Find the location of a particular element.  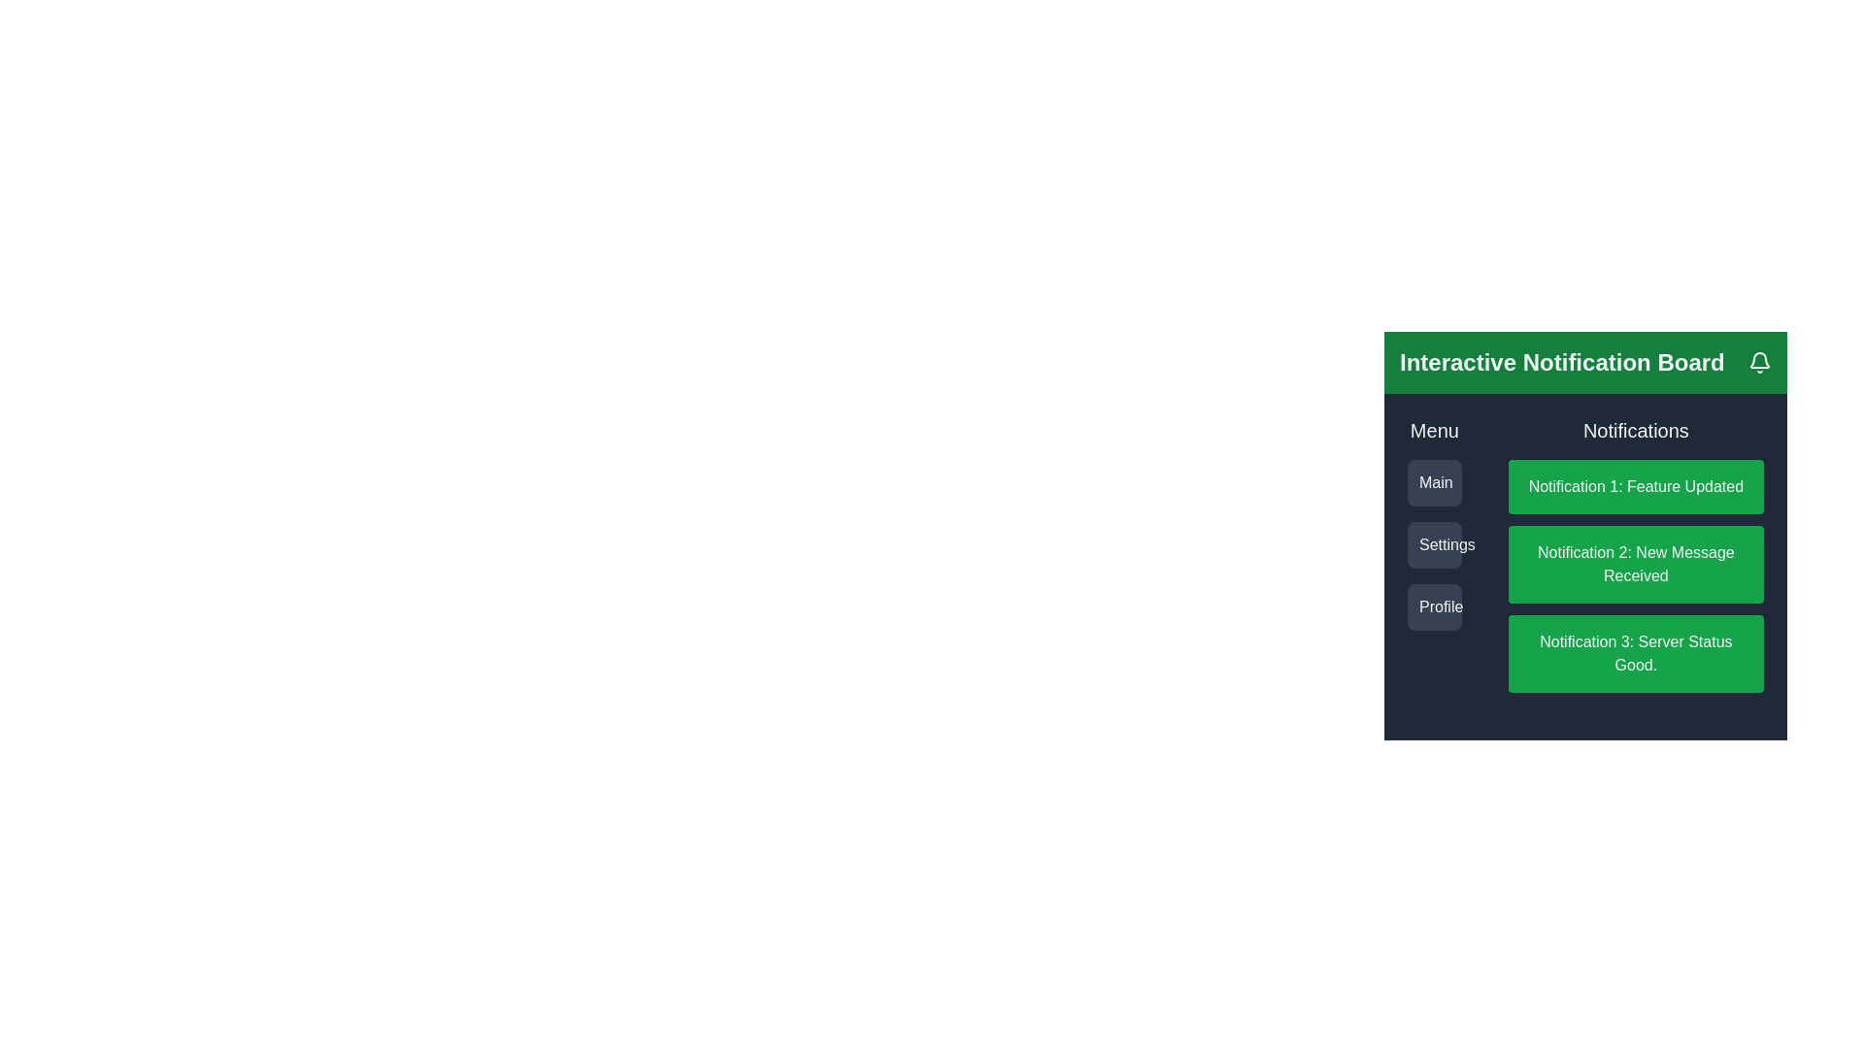

the 'Profile' button located at the bottom of the vertical stack of buttons under the 'Menu' heading on the left side of the interface is located at coordinates (1434, 606).